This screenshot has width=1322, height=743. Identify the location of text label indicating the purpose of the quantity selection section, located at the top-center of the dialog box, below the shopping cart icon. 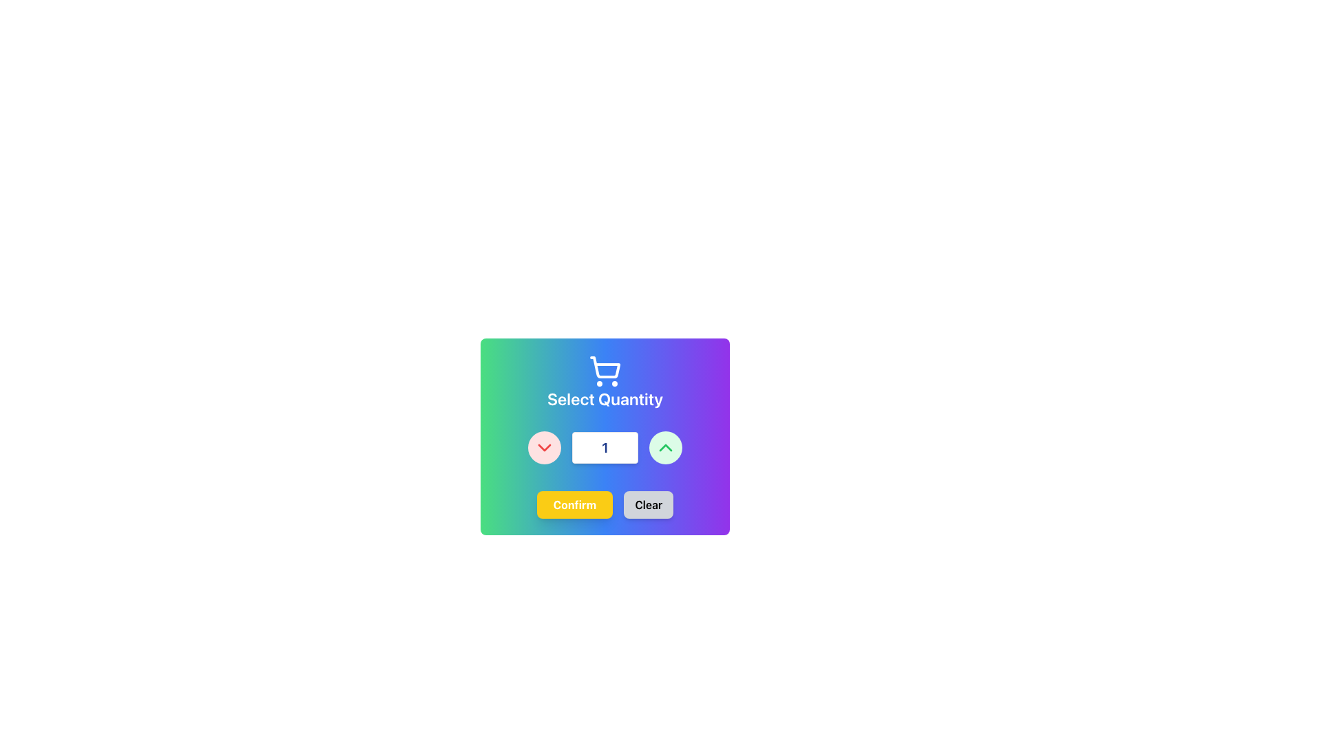
(605, 398).